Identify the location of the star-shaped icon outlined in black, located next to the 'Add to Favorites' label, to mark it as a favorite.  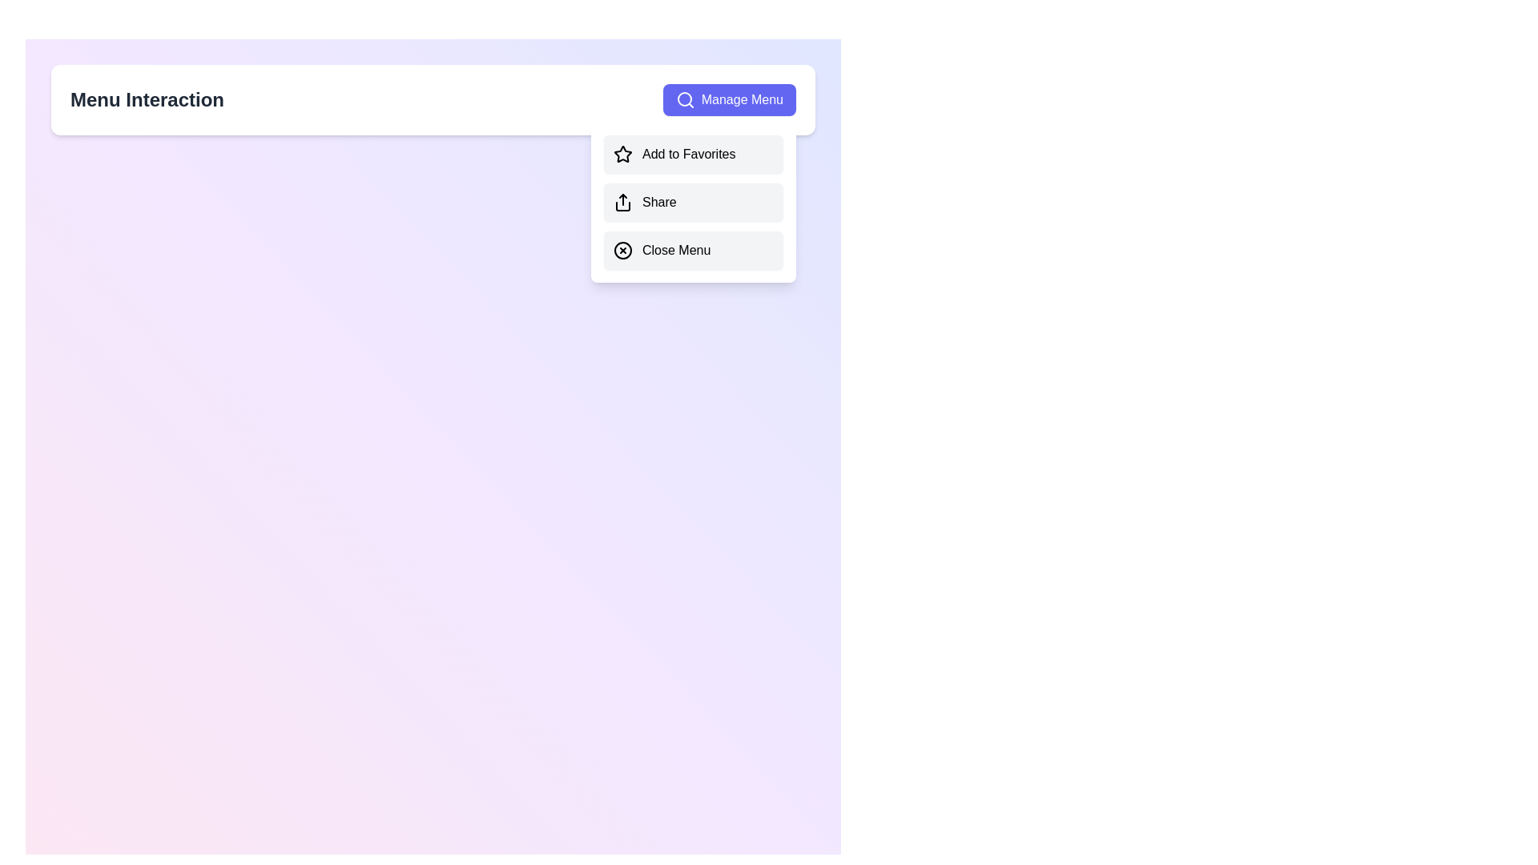
(622, 154).